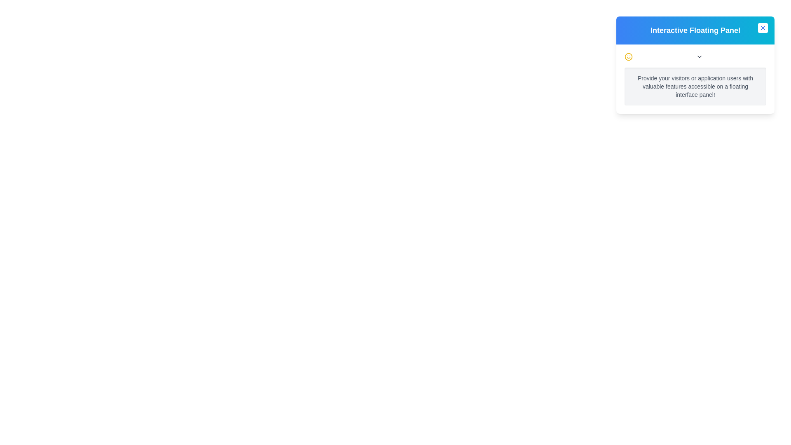 The image size is (791, 445). I want to click on the close button located in the top-right corner of the floating interactive panel, so click(763, 28).